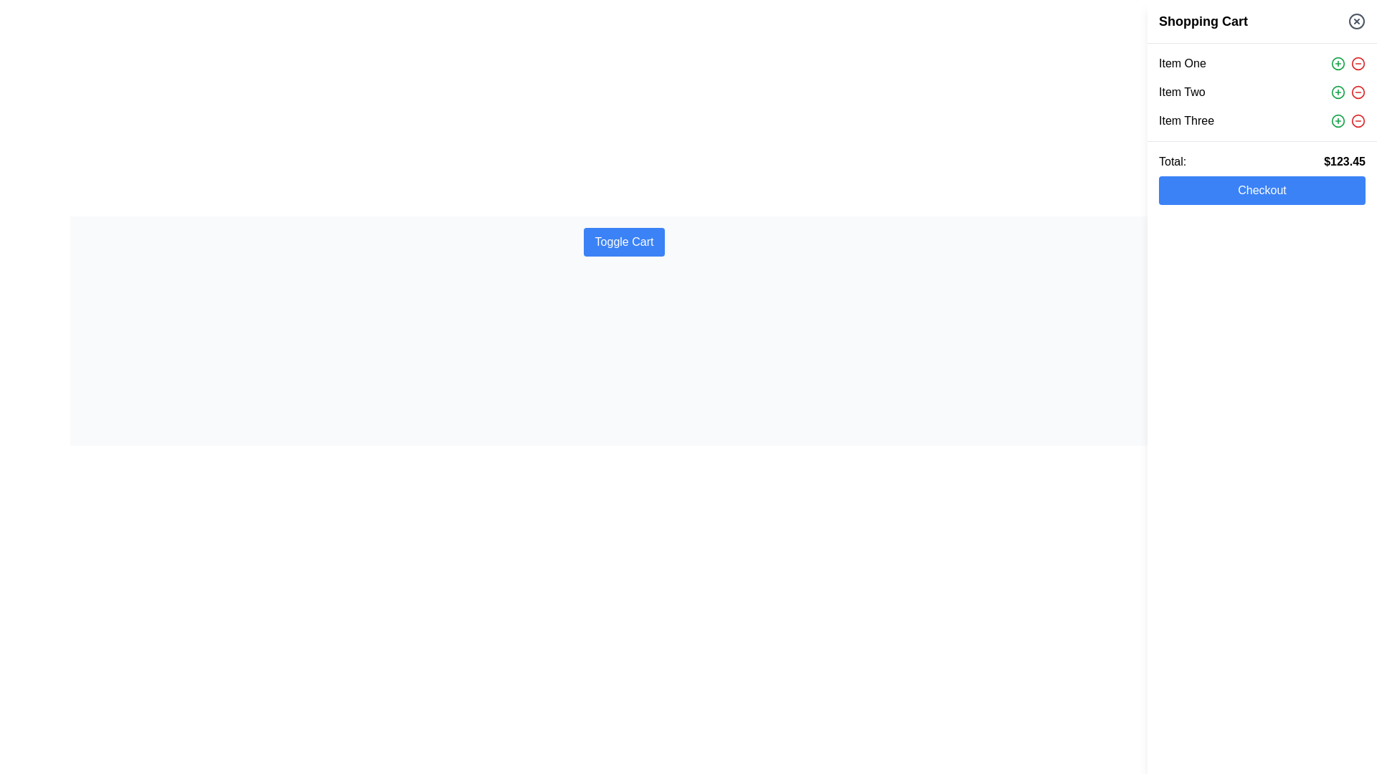  I want to click on the red circular minus icon located to the right of the 'Item One' text label to decrease the quantity, so click(1358, 62).